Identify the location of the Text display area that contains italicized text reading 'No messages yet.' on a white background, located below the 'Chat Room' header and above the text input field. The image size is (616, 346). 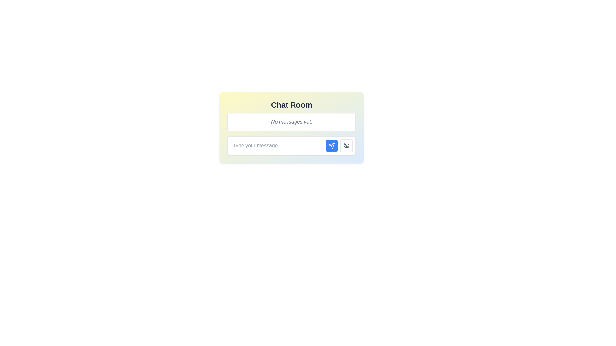
(291, 122).